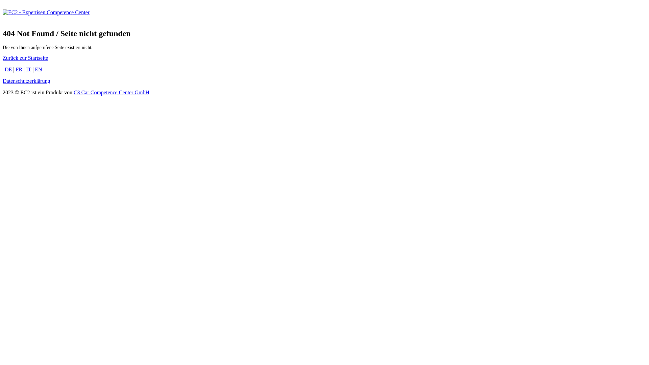  I want to click on 'C3 Car Competence Center GmbH', so click(112, 92).